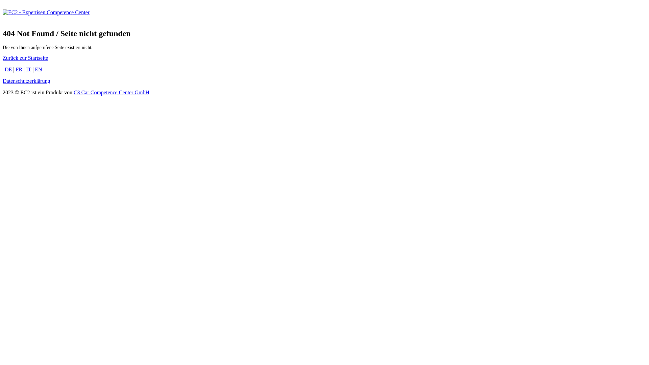  I want to click on 'C3 Car Competence Center GmbH', so click(112, 92).